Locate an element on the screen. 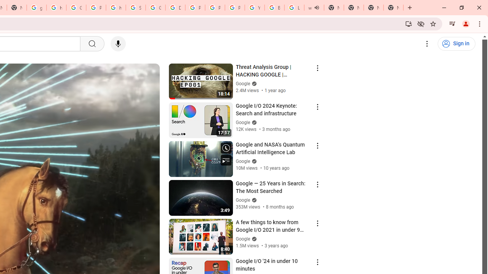 Image resolution: width=488 pixels, height=274 pixels. 'New Tab' is located at coordinates (373, 8).